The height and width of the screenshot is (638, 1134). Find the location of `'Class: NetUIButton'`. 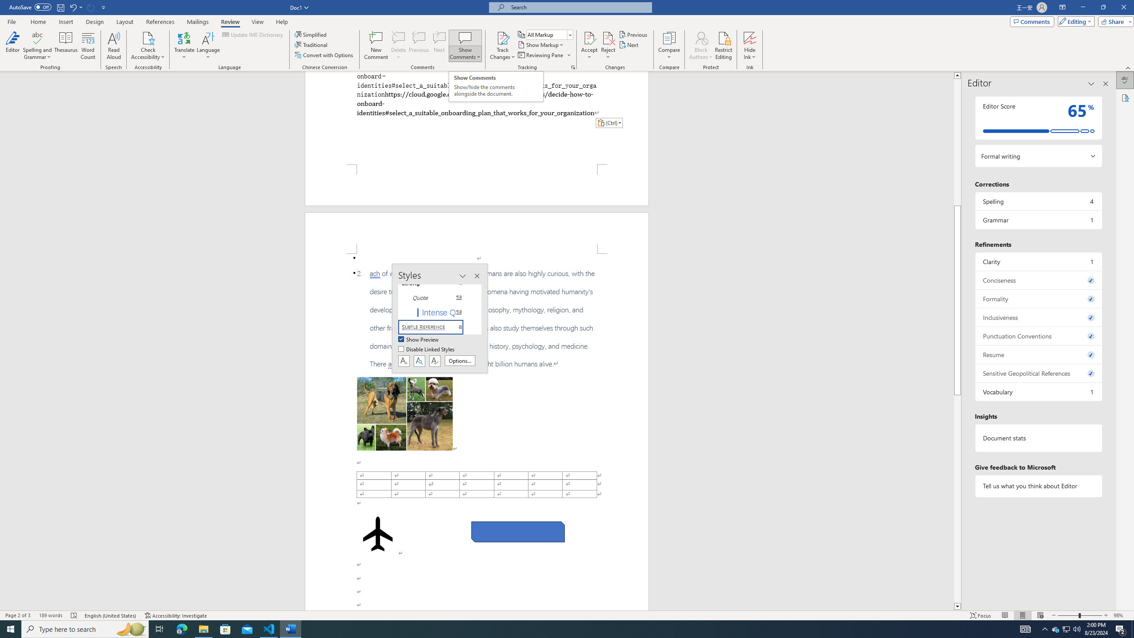

'Class: NetUIButton' is located at coordinates (435, 361).